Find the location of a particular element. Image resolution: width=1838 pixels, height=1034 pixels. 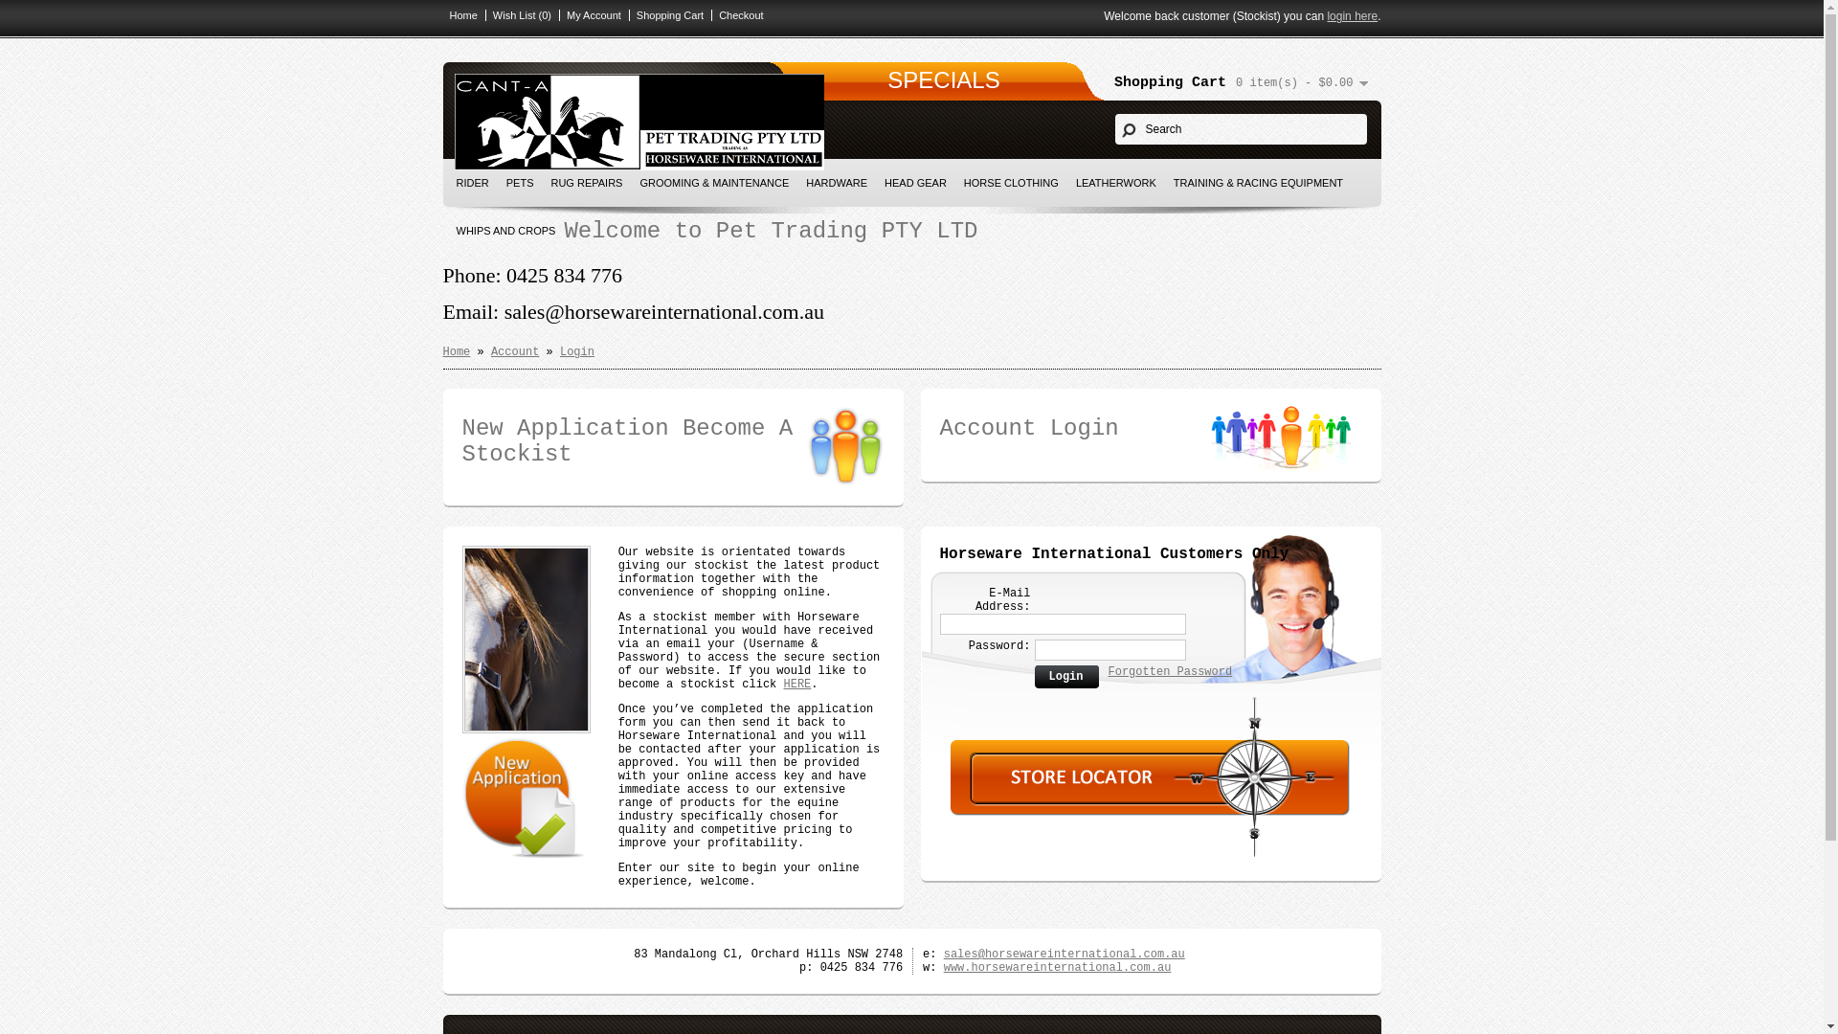

'Wish List (0)' is located at coordinates (518, 14).